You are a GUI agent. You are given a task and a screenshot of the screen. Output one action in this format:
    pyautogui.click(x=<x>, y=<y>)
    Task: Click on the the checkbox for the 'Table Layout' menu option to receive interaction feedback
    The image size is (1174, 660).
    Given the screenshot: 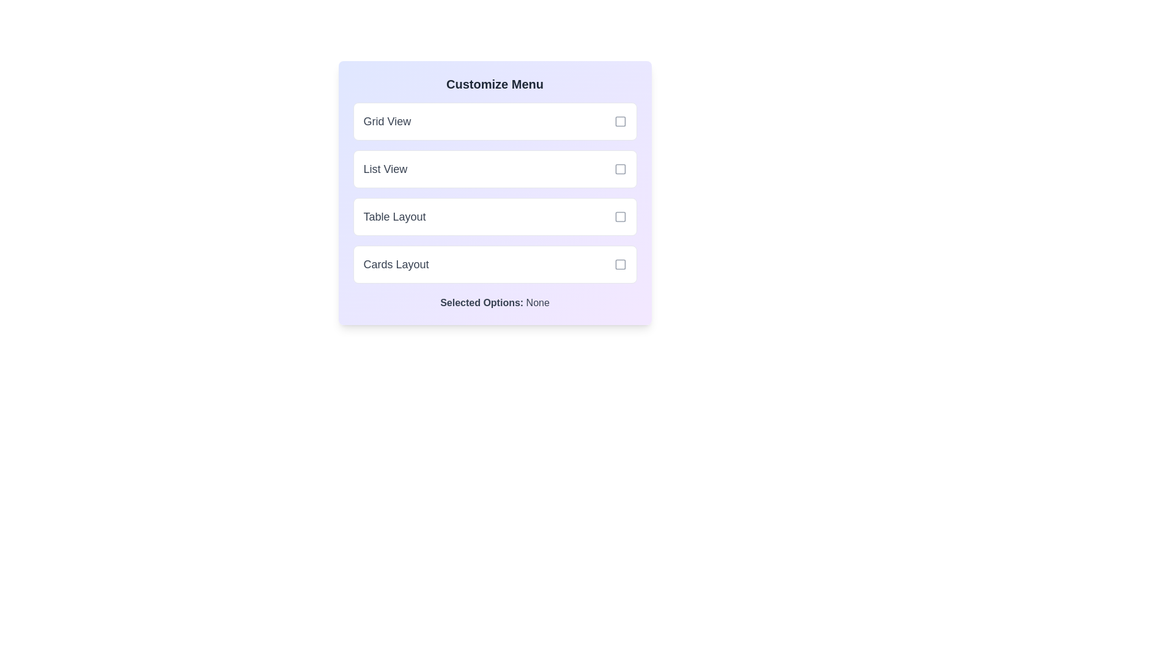 What is the action you would take?
    pyautogui.click(x=620, y=216)
    